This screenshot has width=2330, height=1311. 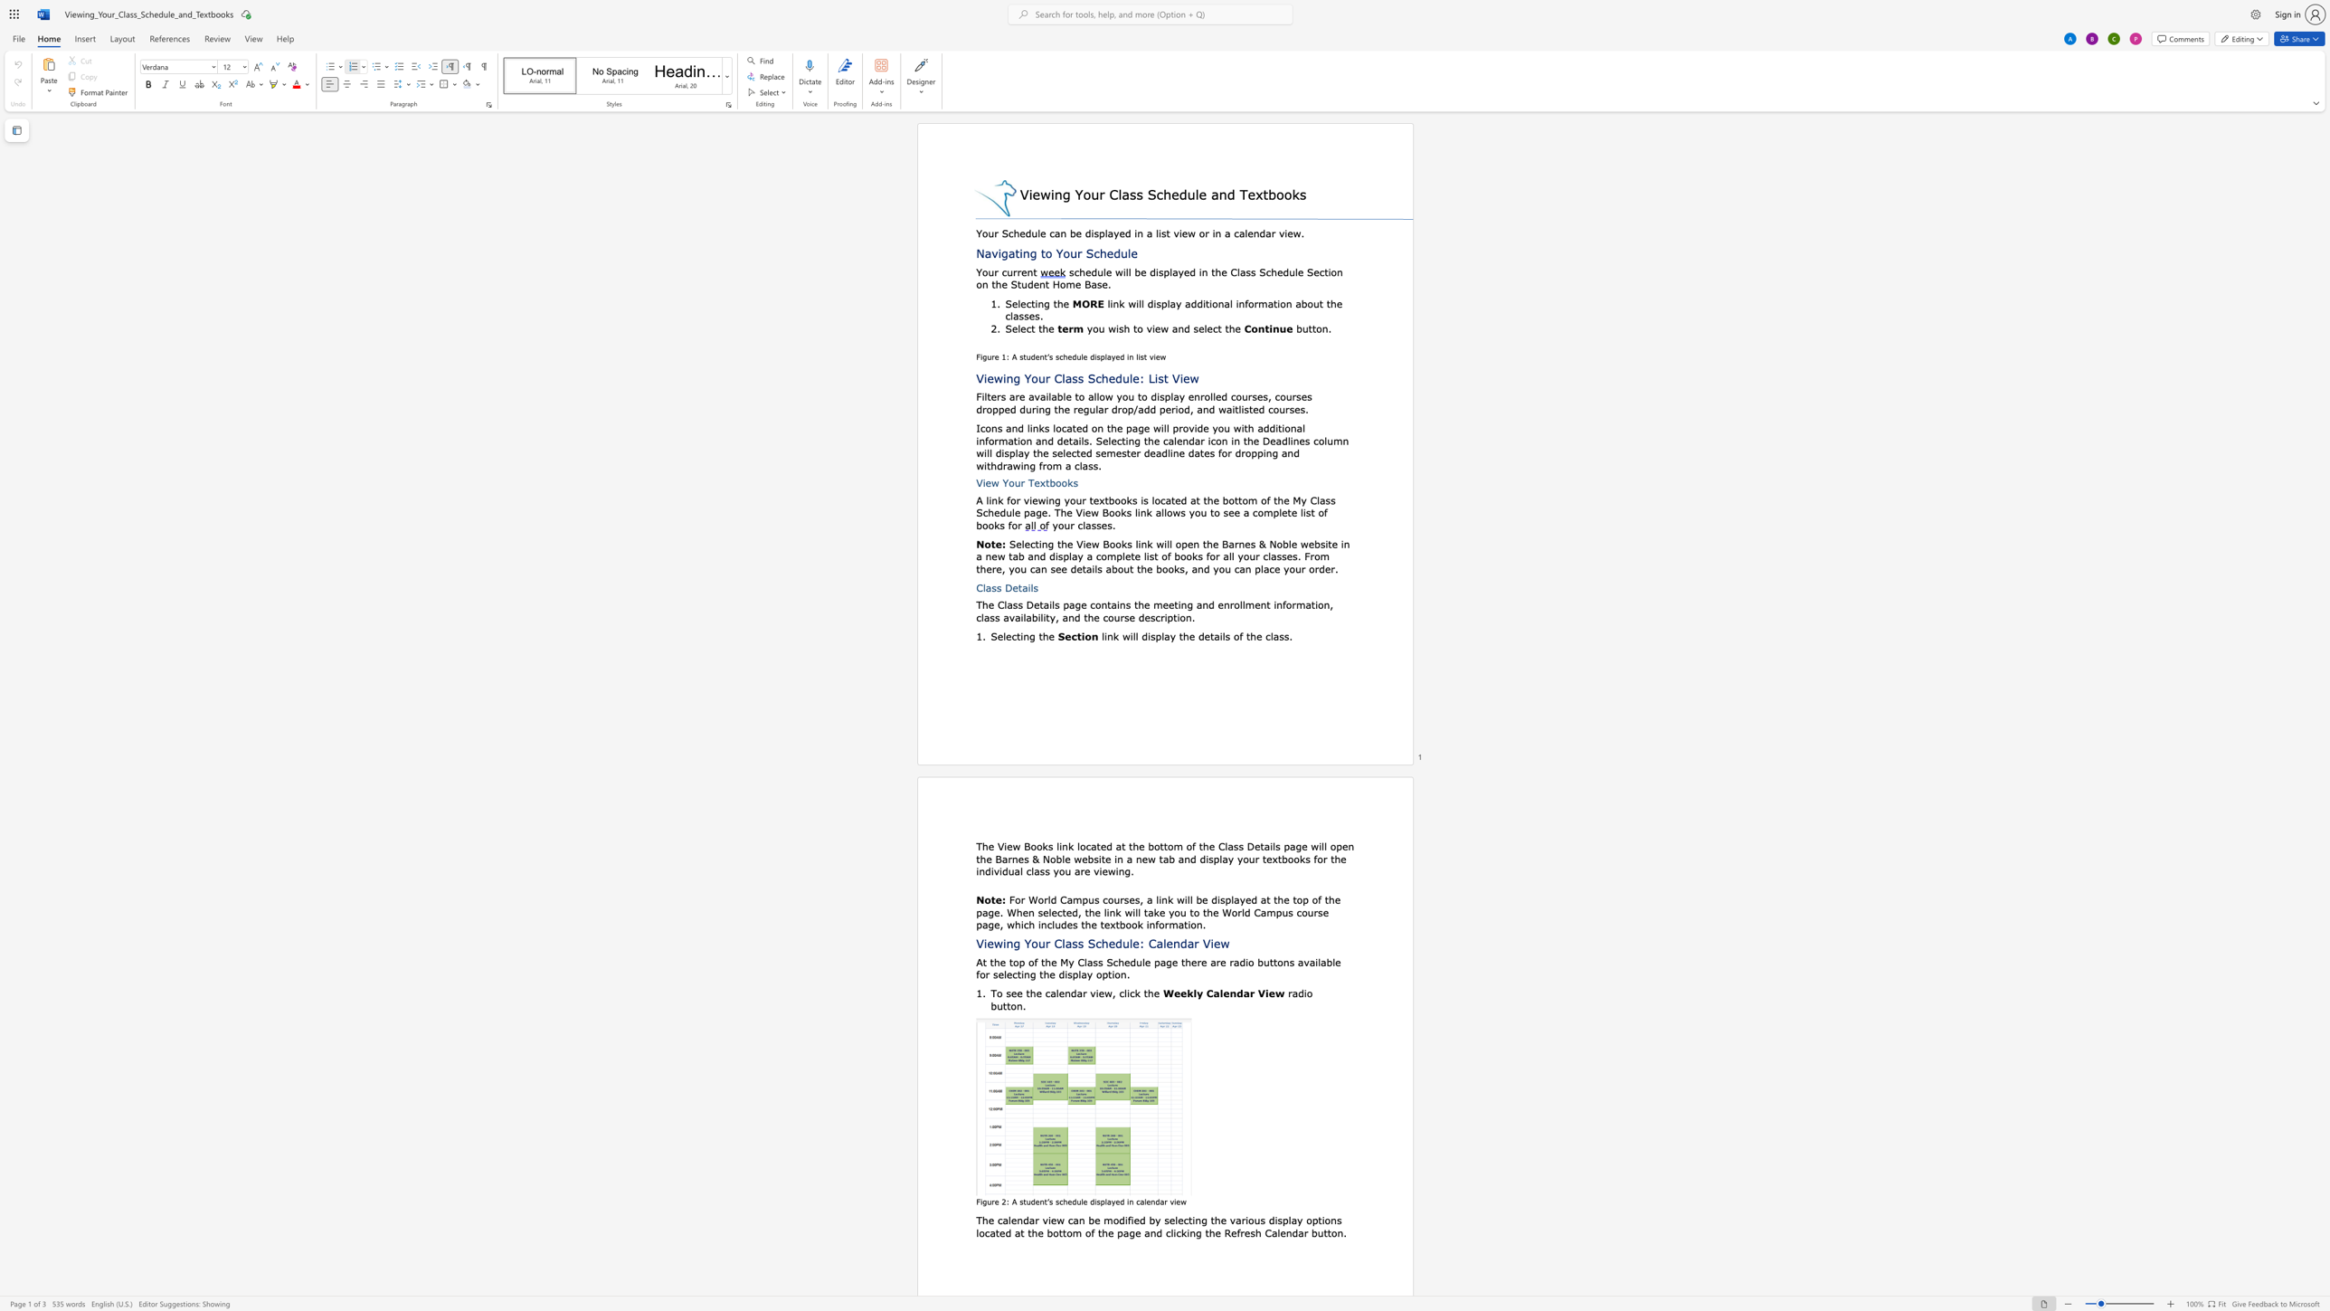 What do you see at coordinates (1063, 377) in the screenshot?
I see `the 1th character "l" in the text` at bounding box center [1063, 377].